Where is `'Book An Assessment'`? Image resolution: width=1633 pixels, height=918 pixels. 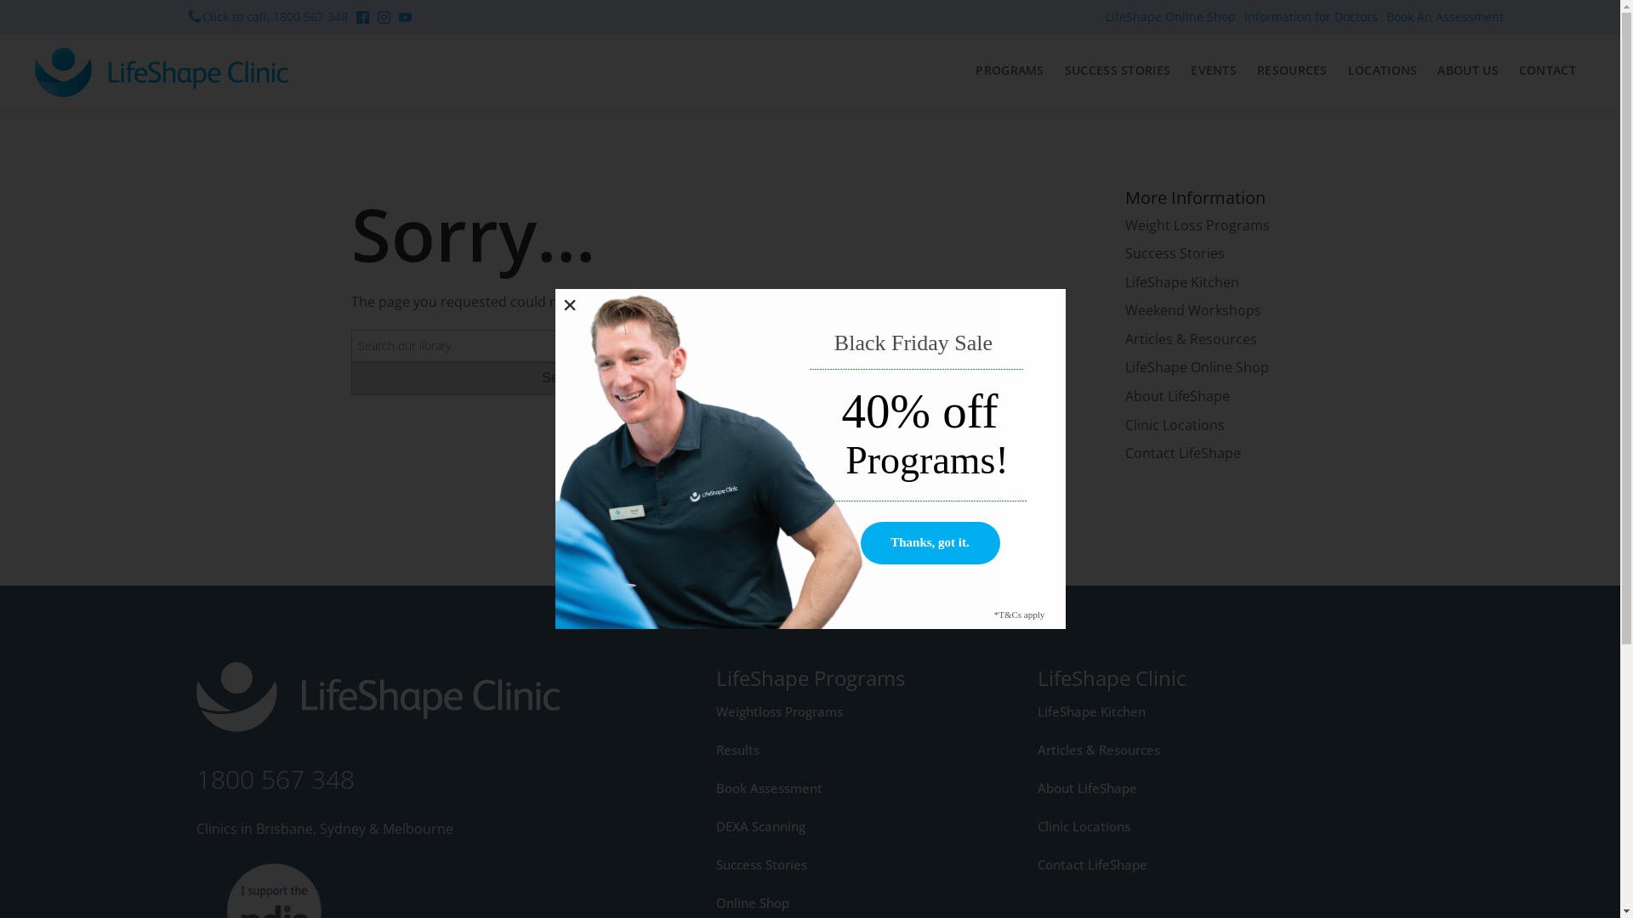 'Book An Assessment' is located at coordinates (1444, 16).